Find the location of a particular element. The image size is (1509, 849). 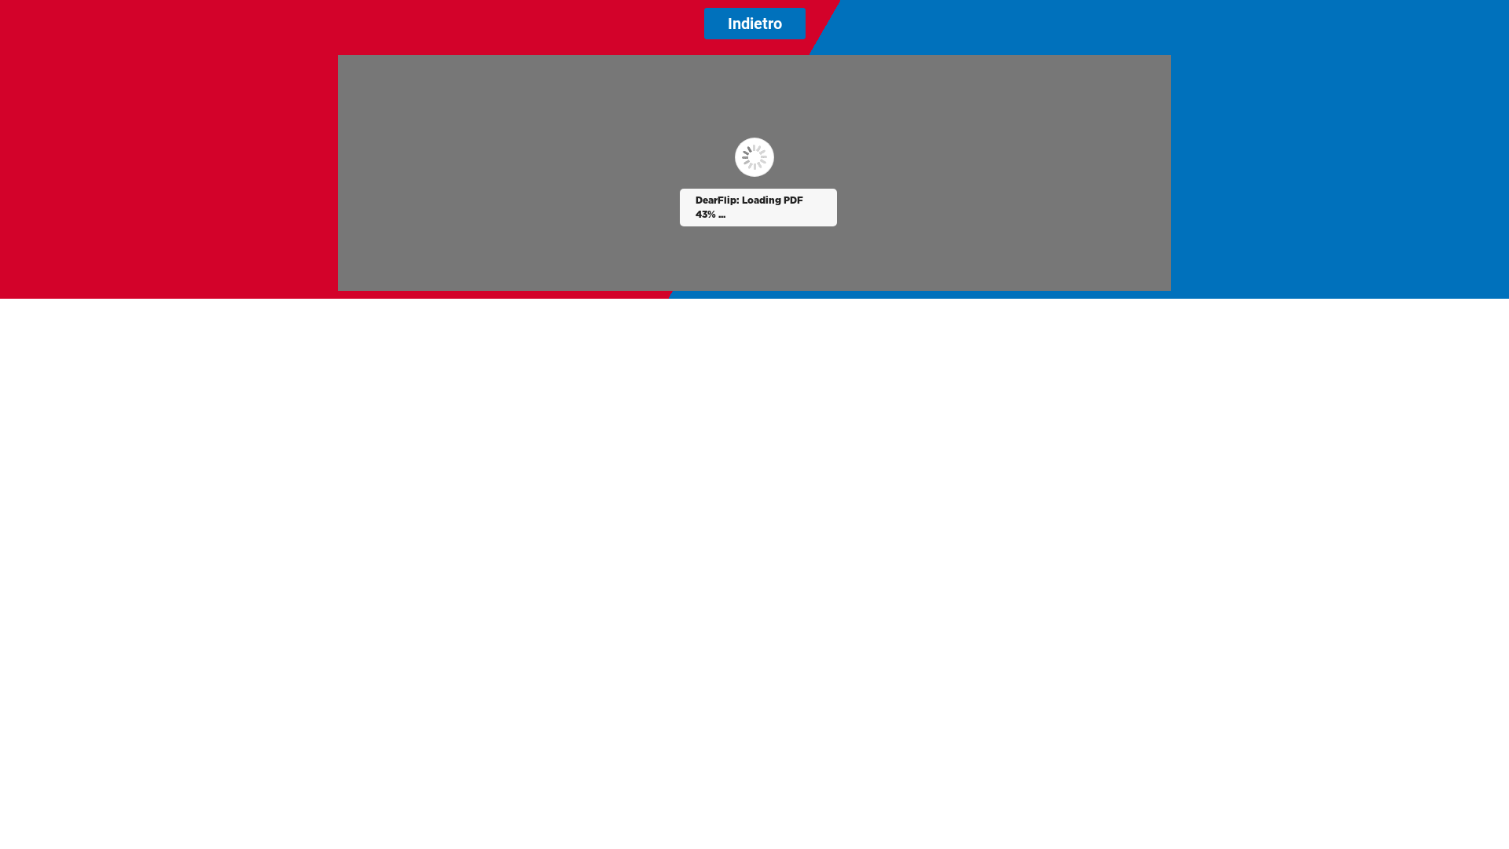

'Indietro' is located at coordinates (754, 24).